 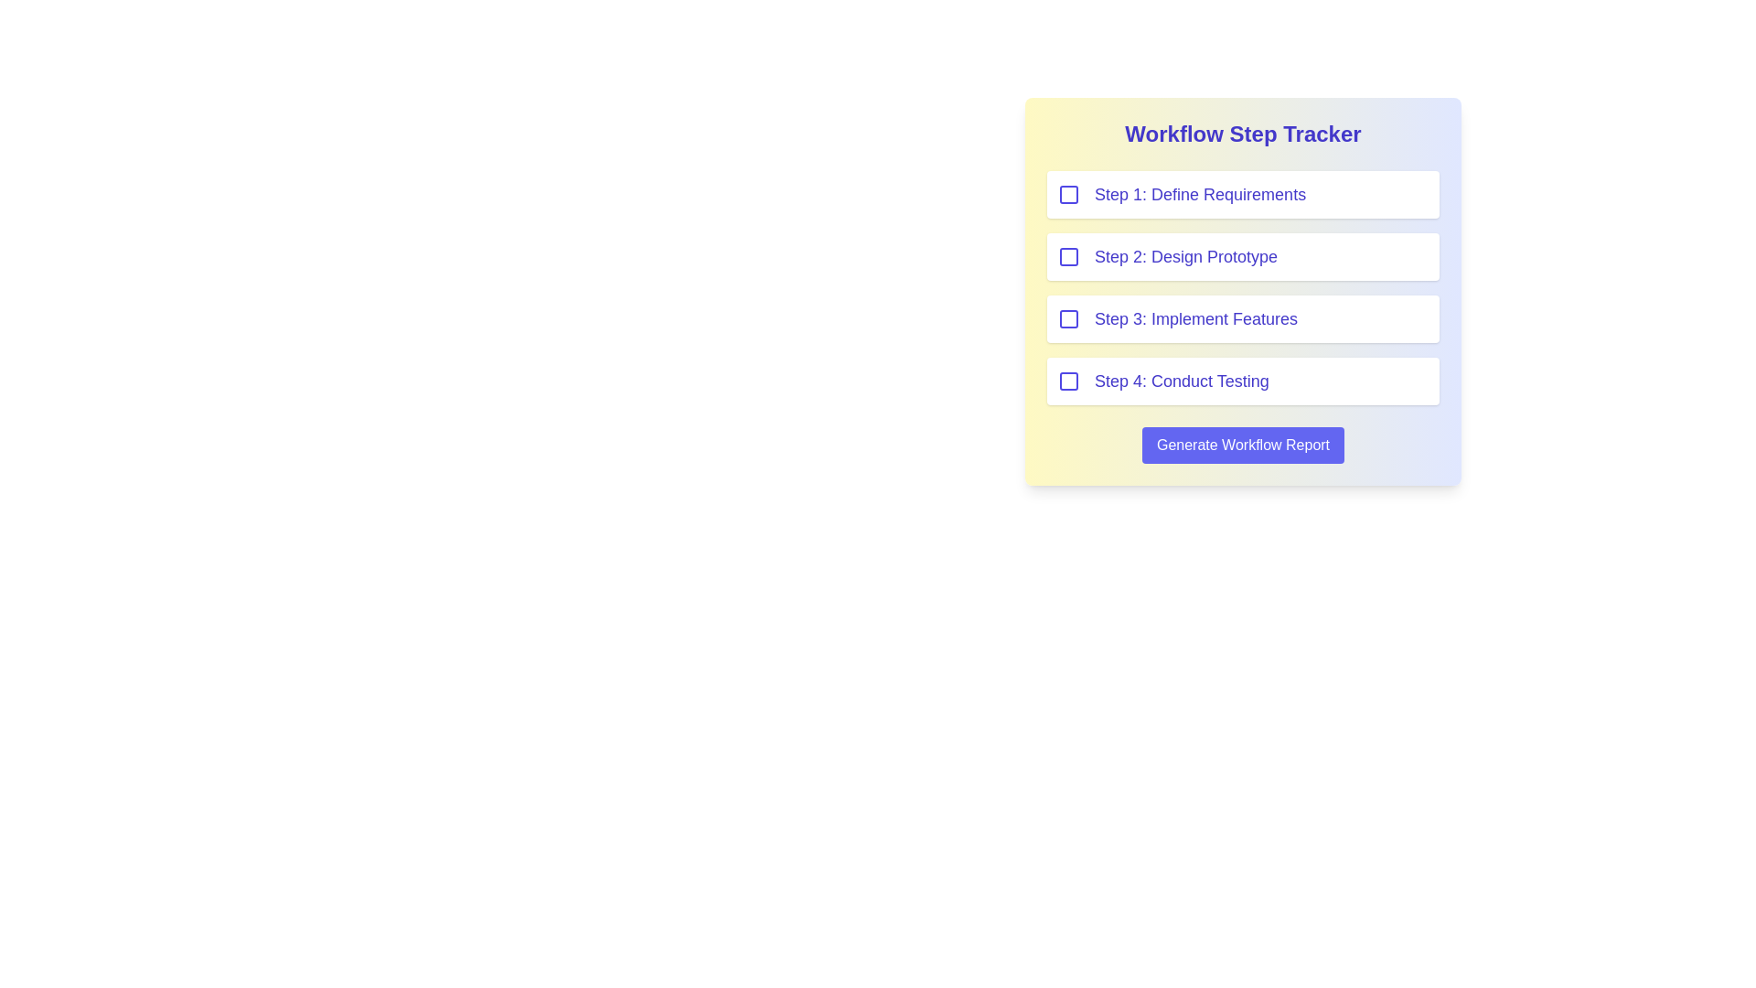 What do you see at coordinates (1243, 133) in the screenshot?
I see `the Text Label (Title) at the top of the workflow tracker interface, which provides an overview of the contents and functionality of the section` at bounding box center [1243, 133].